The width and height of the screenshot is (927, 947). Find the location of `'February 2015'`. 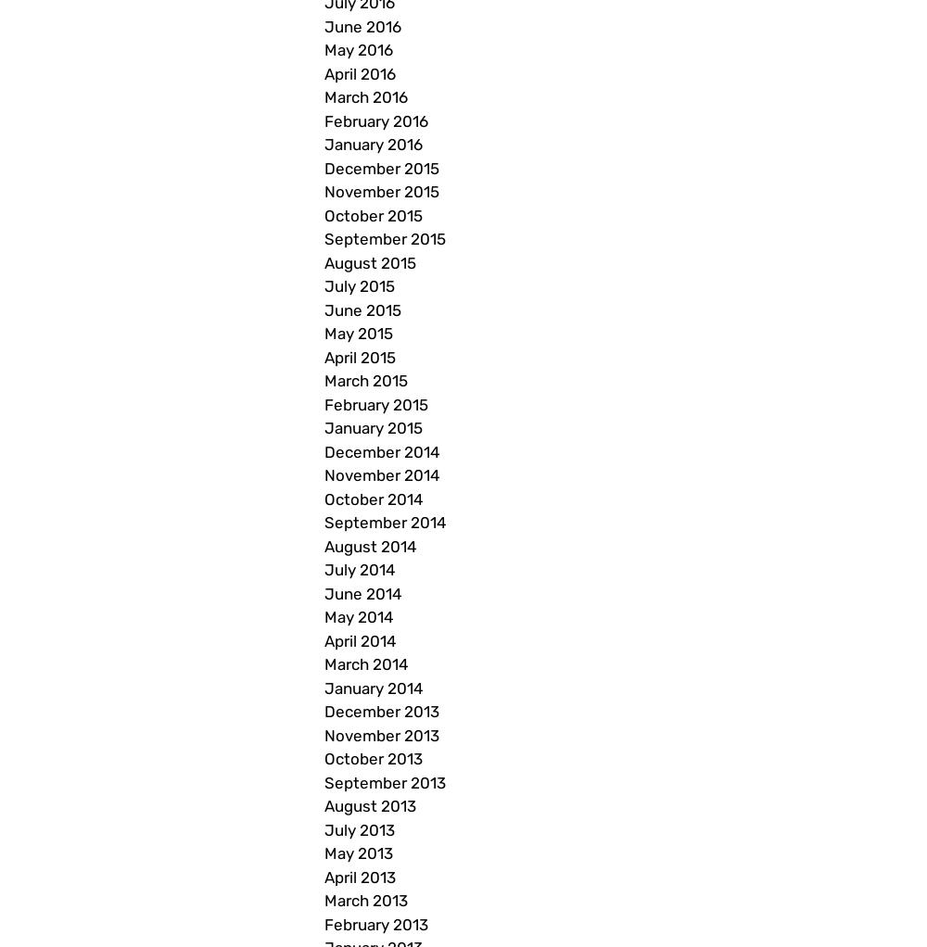

'February 2015' is located at coordinates (376, 403).